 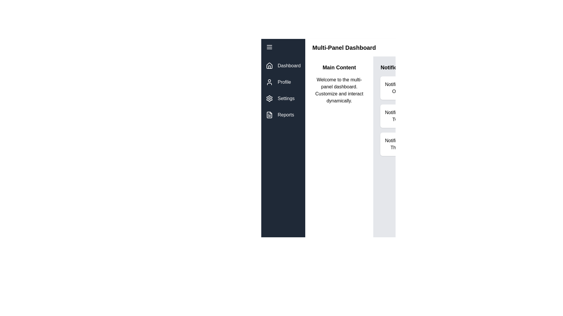 What do you see at coordinates (269, 47) in the screenshot?
I see `the hamburger menu icon located at the top-left corner of the dark sidebar` at bounding box center [269, 47].